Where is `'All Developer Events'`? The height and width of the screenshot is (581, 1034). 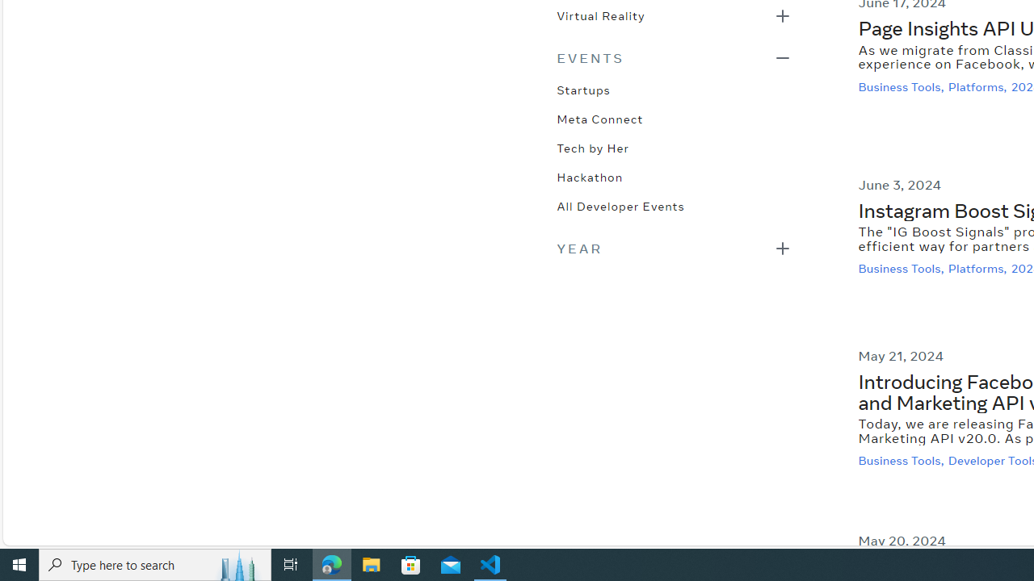 'All Developer Events' is located at coordinates (620, 204).